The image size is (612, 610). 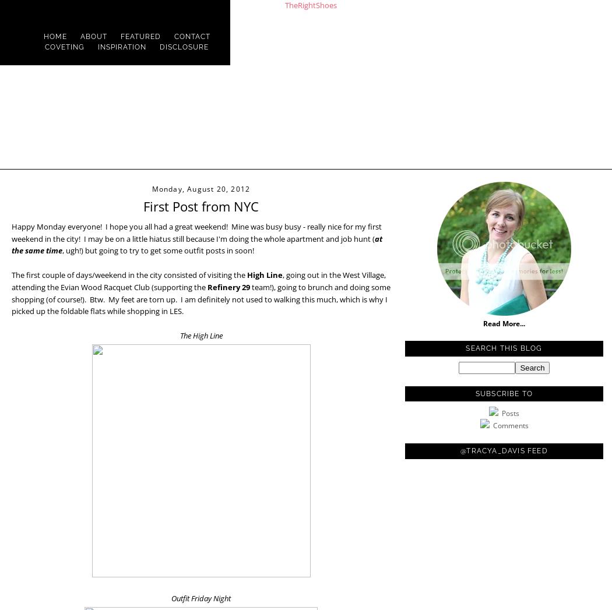 What do you see at coordinates (265, 274) in the screenshot?
I see `'High Line'` at bounding box center [265, 274].